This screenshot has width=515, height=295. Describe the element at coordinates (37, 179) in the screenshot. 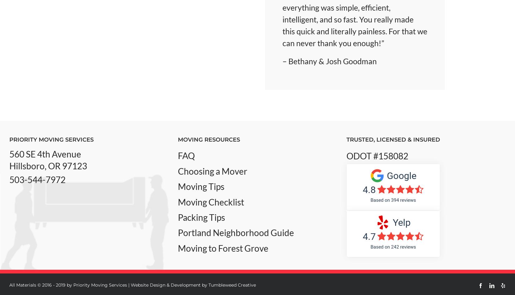

I see `'503-544-7972'` at that location.